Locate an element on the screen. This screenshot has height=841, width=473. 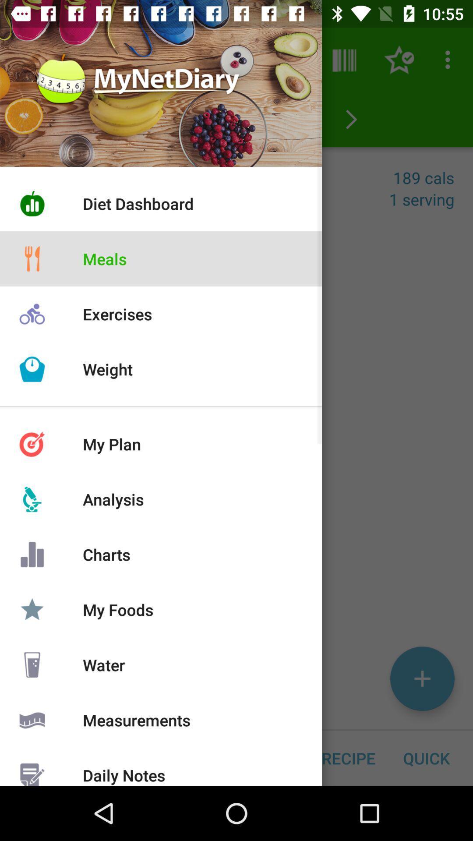
the add icon is located at coordinates (422, 678).